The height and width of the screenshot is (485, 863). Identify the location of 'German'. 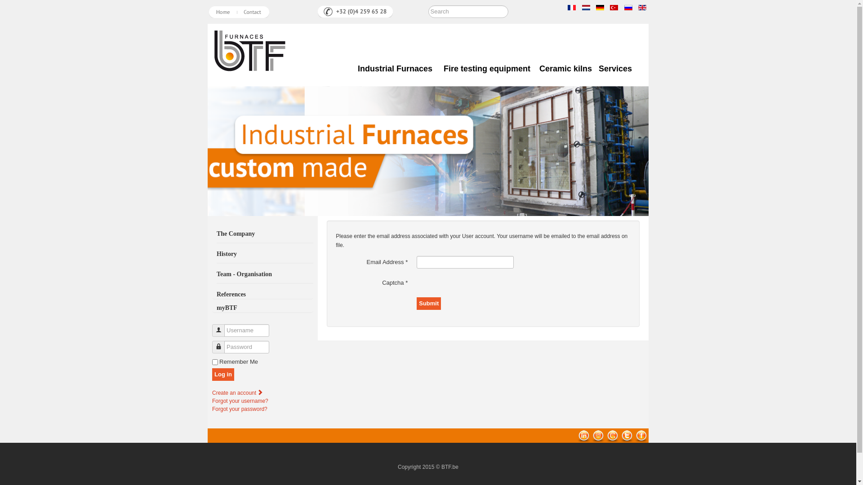
(600, 7).